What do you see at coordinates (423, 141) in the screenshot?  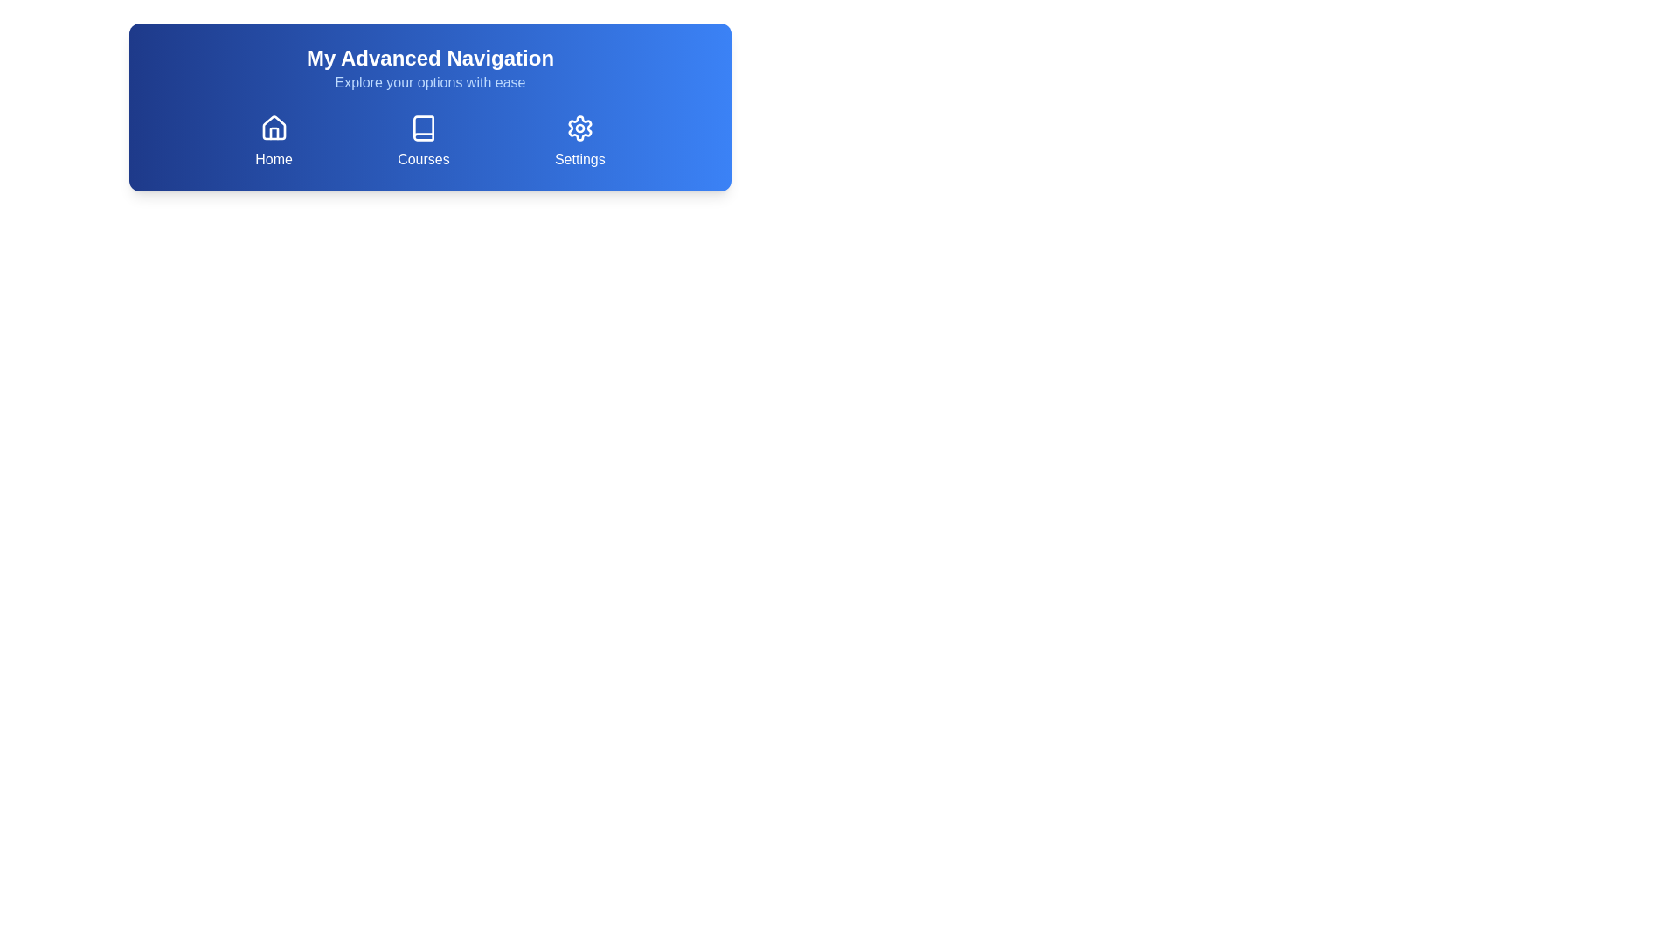 I see `the 'Courses' button, which features a book-shaped icon and is located in the navigation menu between 'Home' and 'Settings'` at bounding box center [423, 141].